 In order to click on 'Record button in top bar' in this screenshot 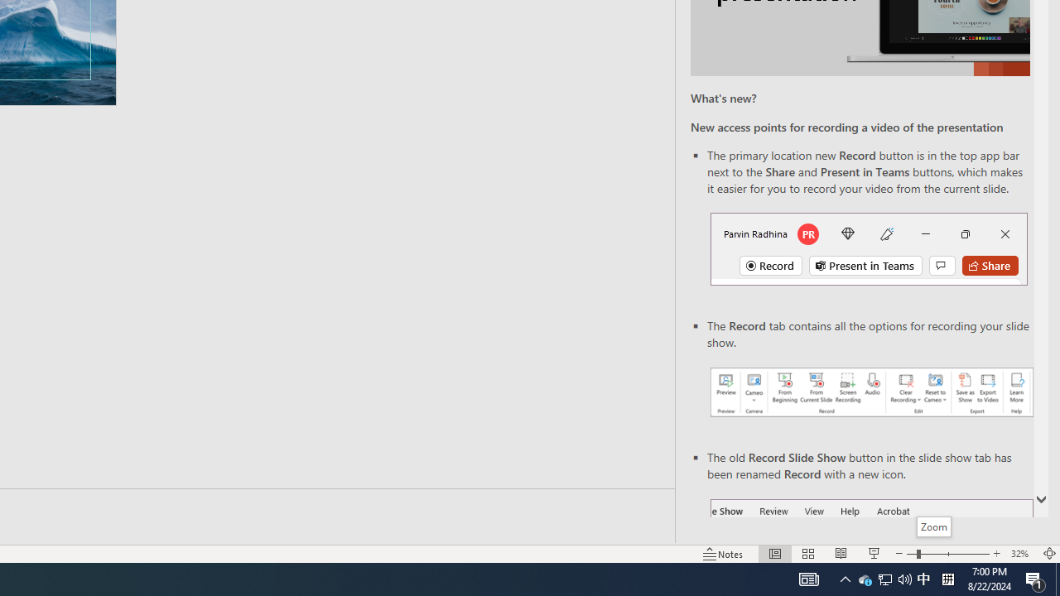, I will do `click(868, 248)`.